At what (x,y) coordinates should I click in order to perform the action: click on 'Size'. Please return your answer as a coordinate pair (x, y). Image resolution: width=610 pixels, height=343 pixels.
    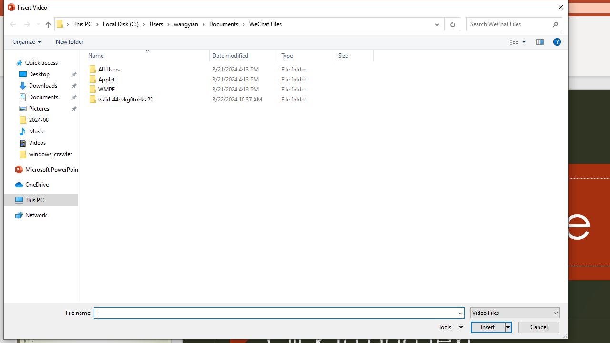
    Looking at the image, I should click on (354, 55).